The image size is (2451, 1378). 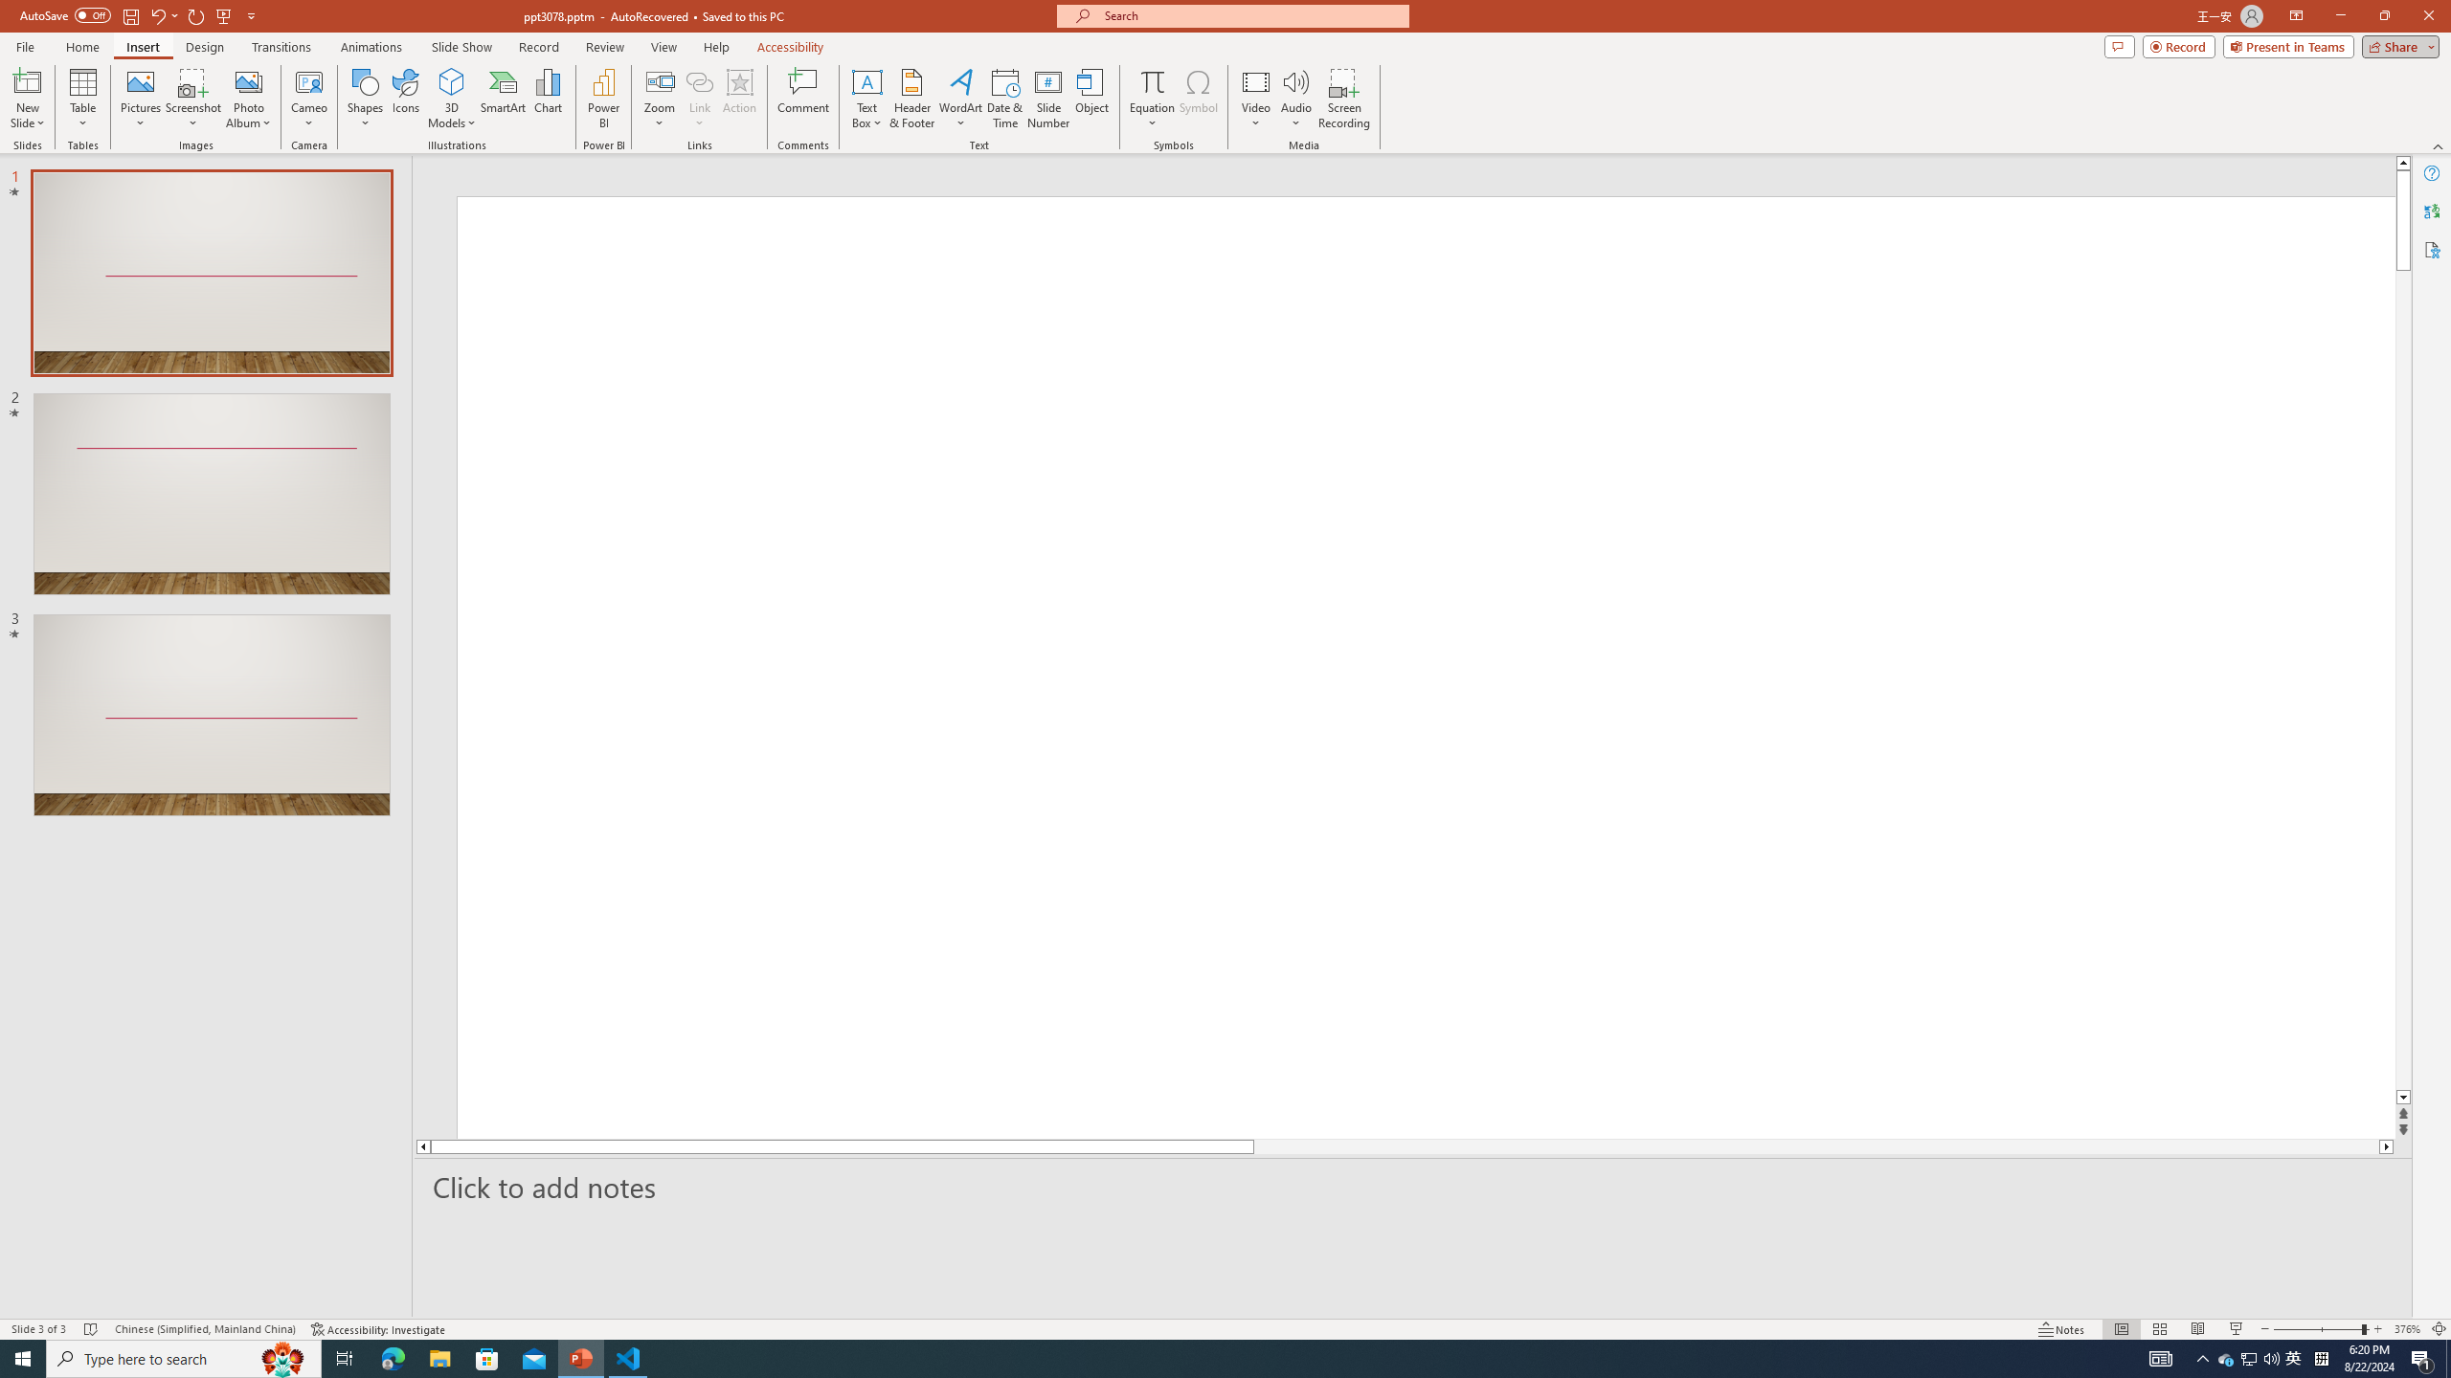 I want to click on 'Equation', so click(x=1151, y=99).